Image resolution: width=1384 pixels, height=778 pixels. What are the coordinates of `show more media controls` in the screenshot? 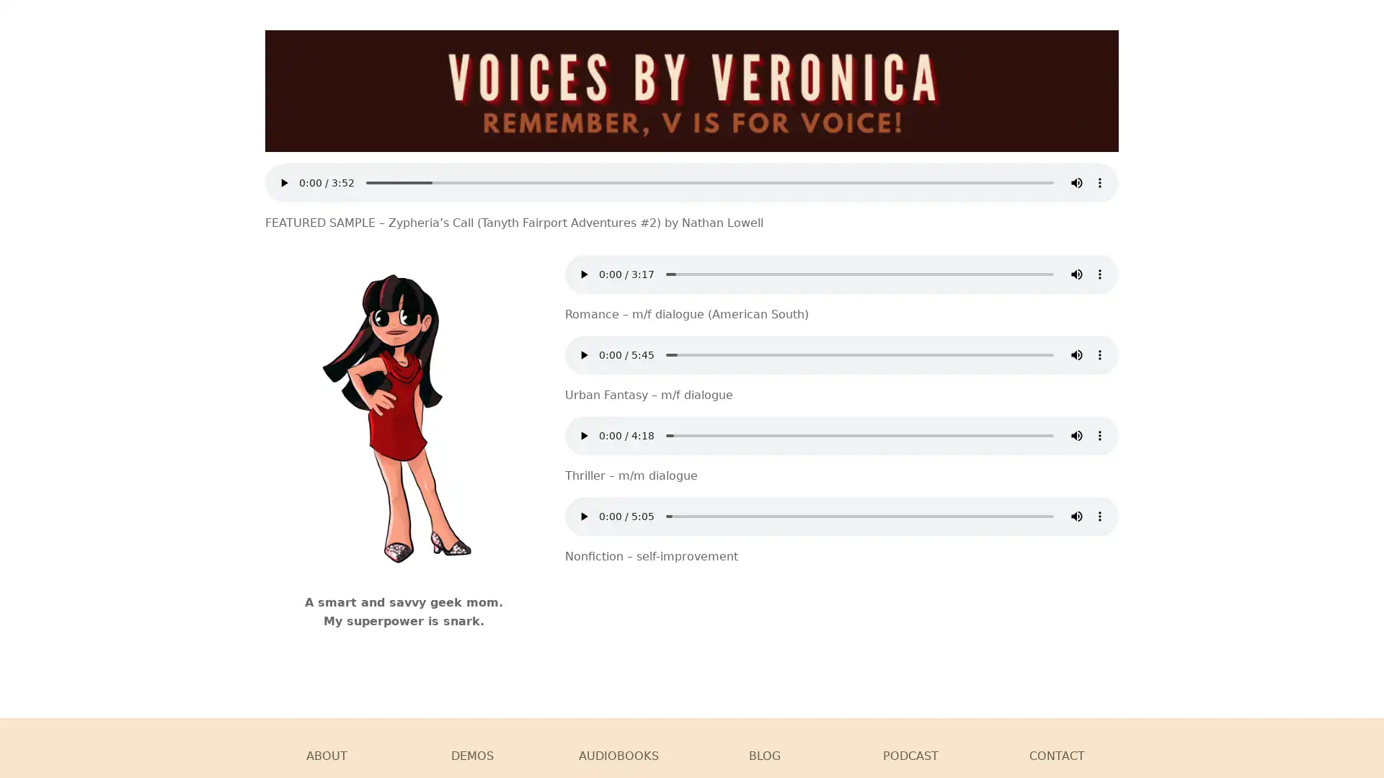 It's located at (1099, 182).